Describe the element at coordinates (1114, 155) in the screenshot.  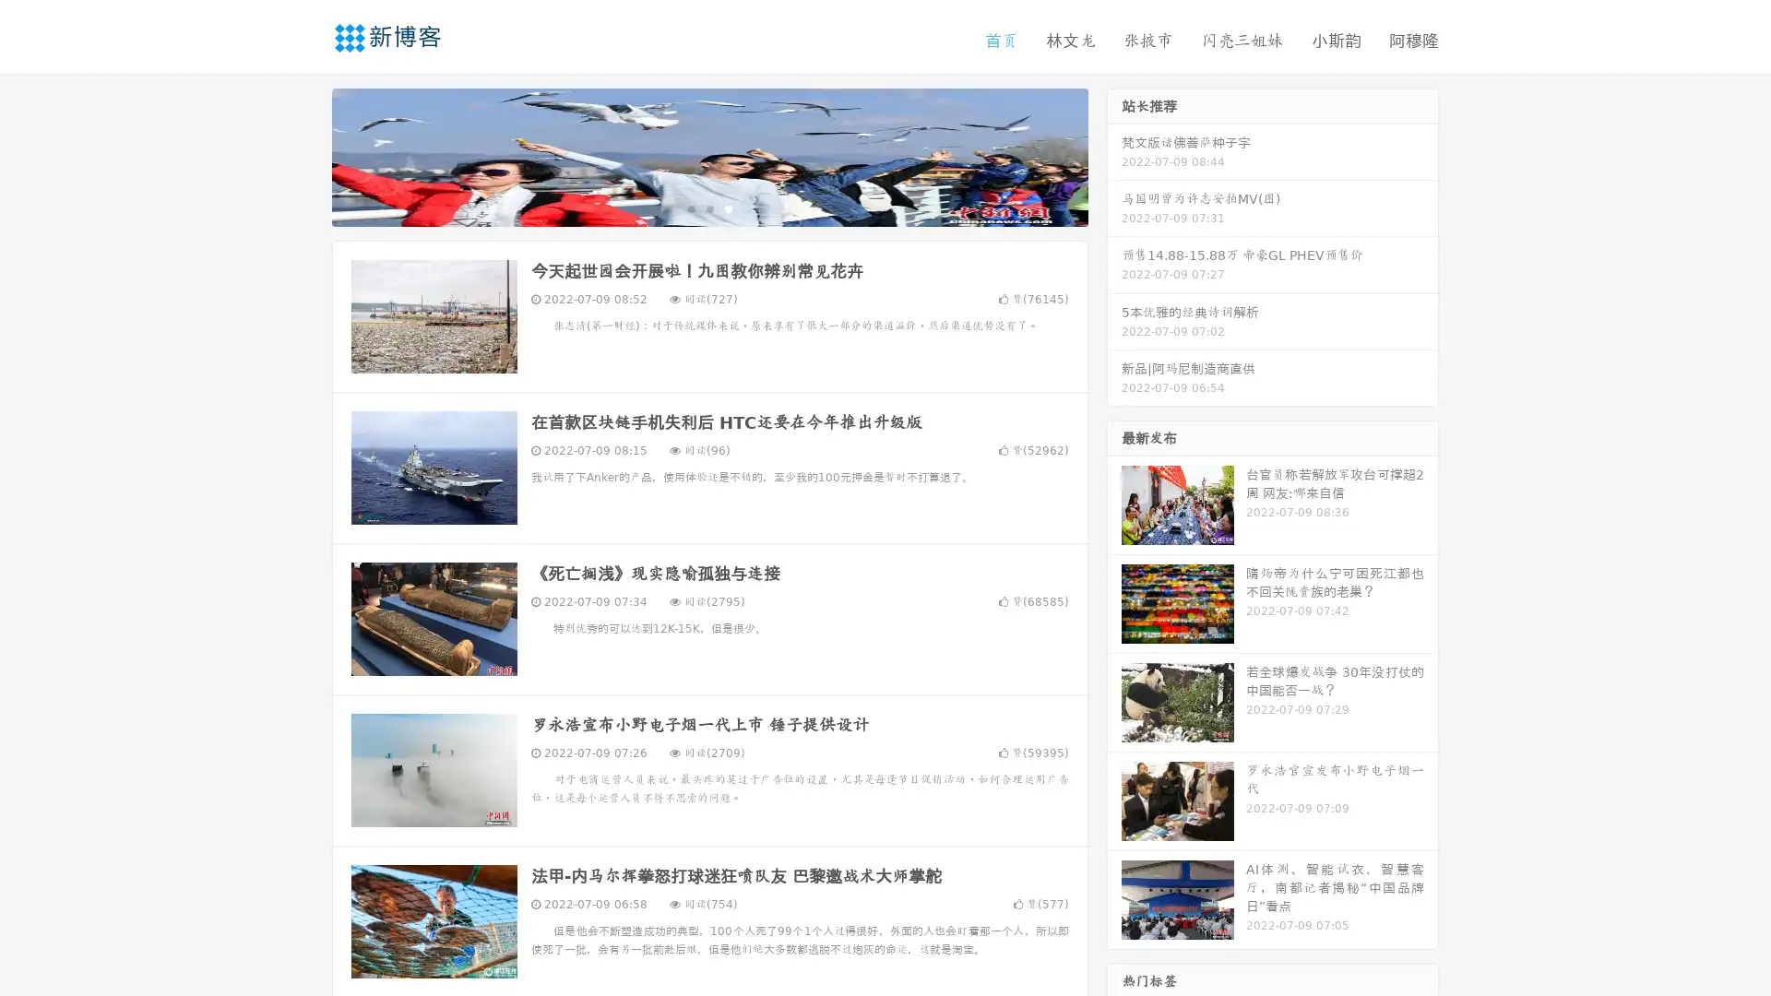
I see `Next slide` at that location.